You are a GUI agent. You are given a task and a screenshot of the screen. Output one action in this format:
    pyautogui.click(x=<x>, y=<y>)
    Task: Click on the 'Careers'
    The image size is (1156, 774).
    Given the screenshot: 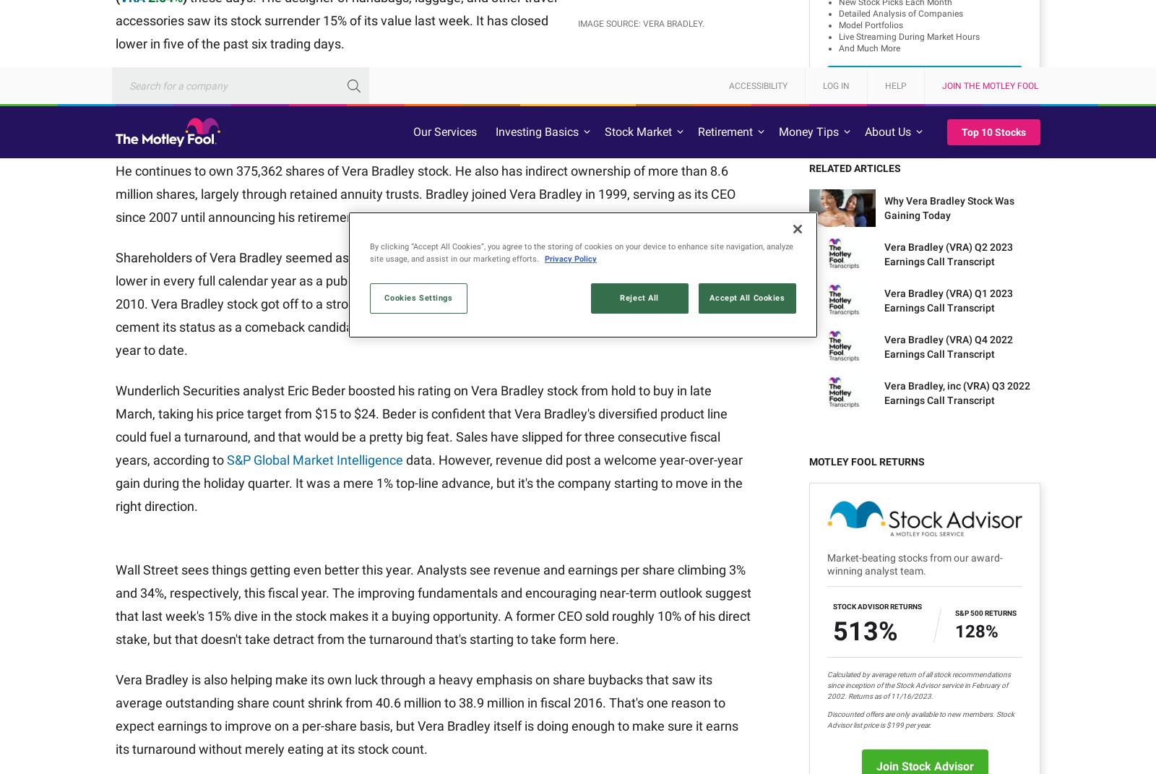 What is the action you would take?
    pyautogui.click(x=357, y=512)
    